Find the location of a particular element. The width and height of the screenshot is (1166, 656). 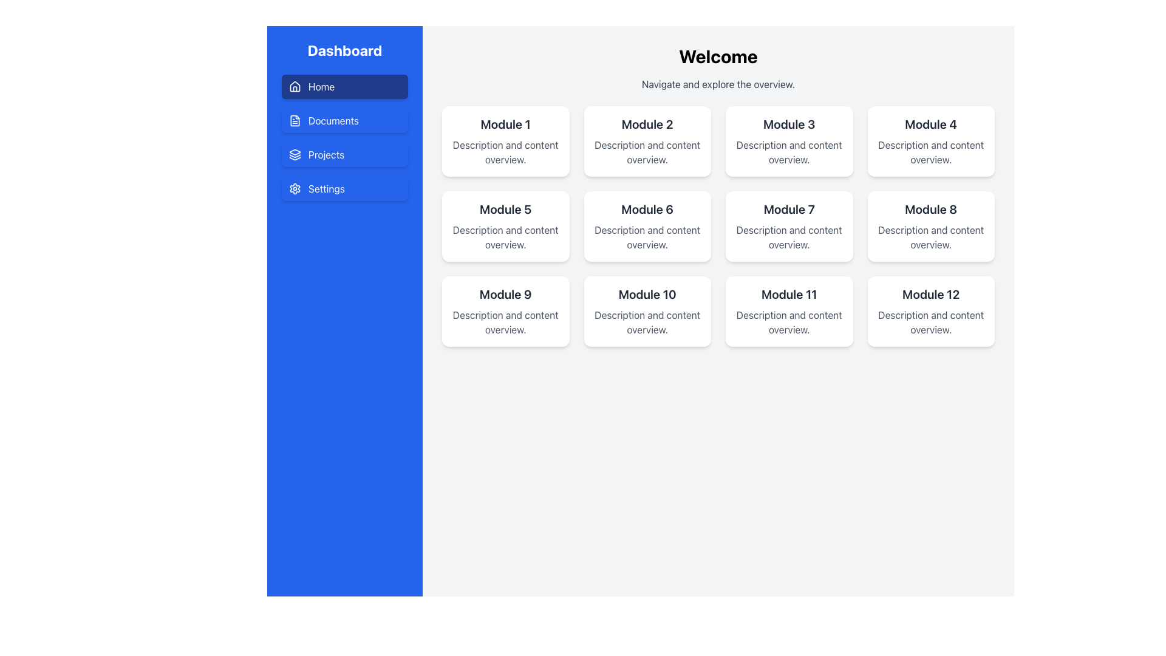

text component displaying 'Description and content overview.' which is styled in gray and located beneath the header 'Module 3.' is located at coordinates (789, 151).